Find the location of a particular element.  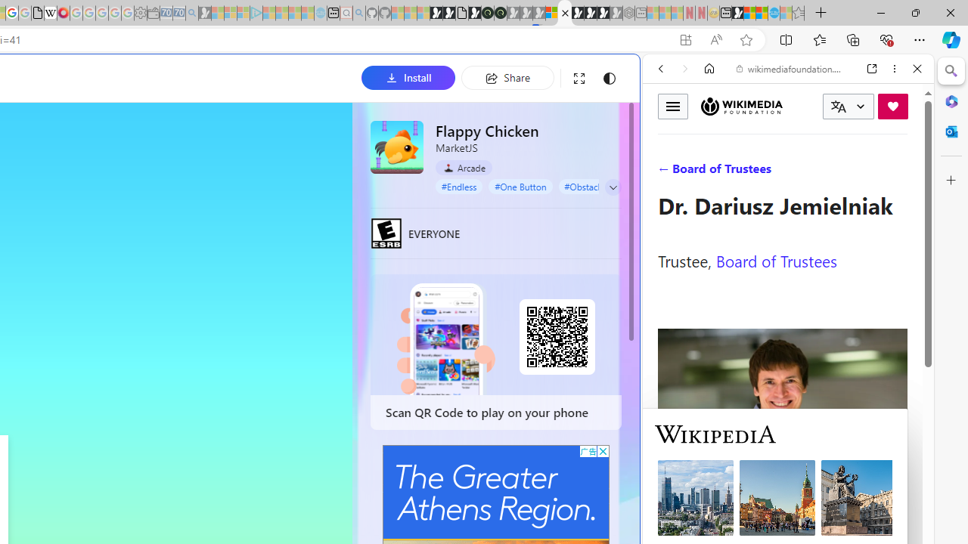

'Arcade' is located at coordinates (463, 167).